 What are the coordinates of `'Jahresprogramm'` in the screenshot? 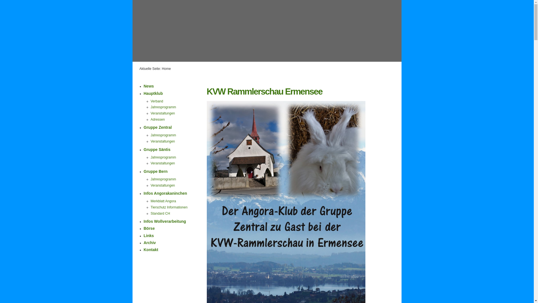 It's located at (163, 179).